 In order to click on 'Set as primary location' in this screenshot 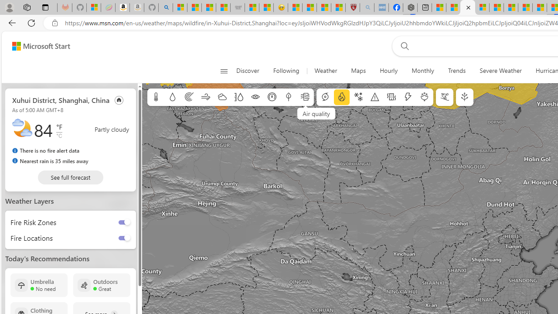, I will do `click(119, 99)`.